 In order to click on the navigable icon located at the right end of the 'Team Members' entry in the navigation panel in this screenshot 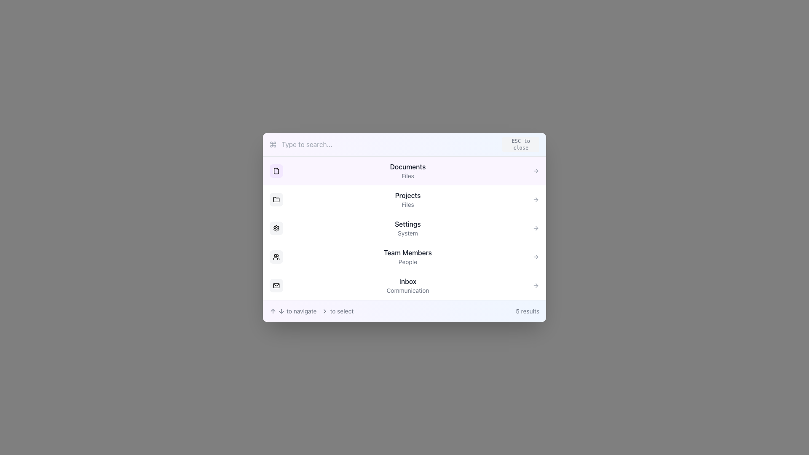, I will do `click(536, 256)`.